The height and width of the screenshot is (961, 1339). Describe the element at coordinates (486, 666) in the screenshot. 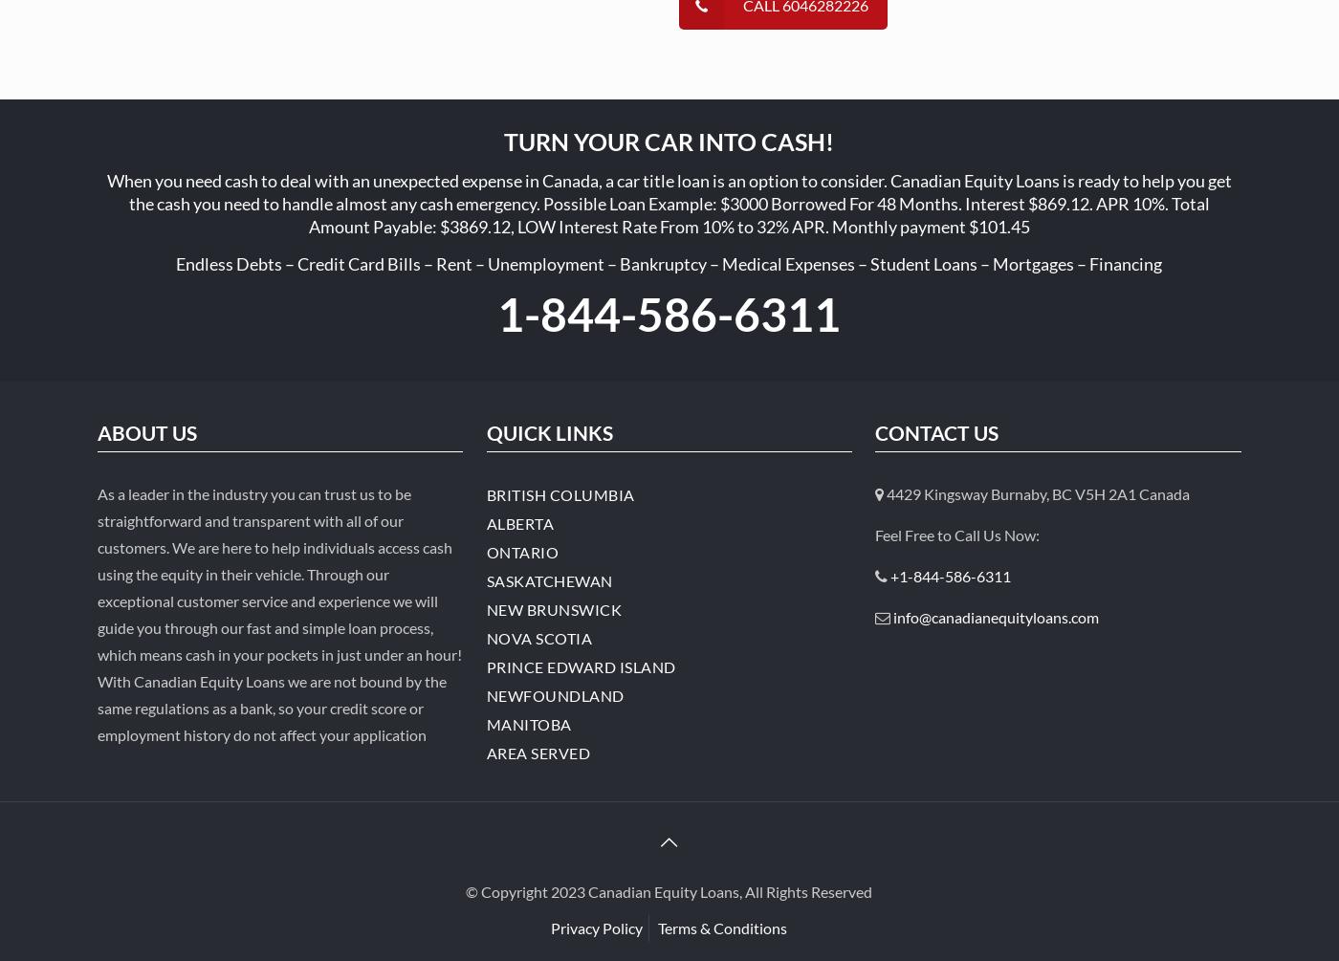

I see `'Prince Edward Island'` at that location.